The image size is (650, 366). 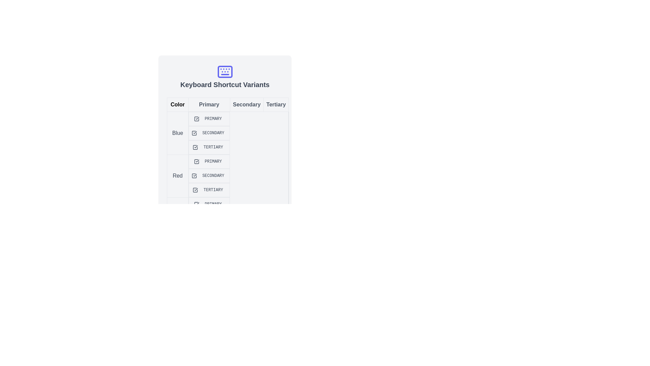 I want to click on the static button labeled 'Tertiary' with a red check icon and gray font, located in the 'Red' color group row, so click(x=209, y=190).